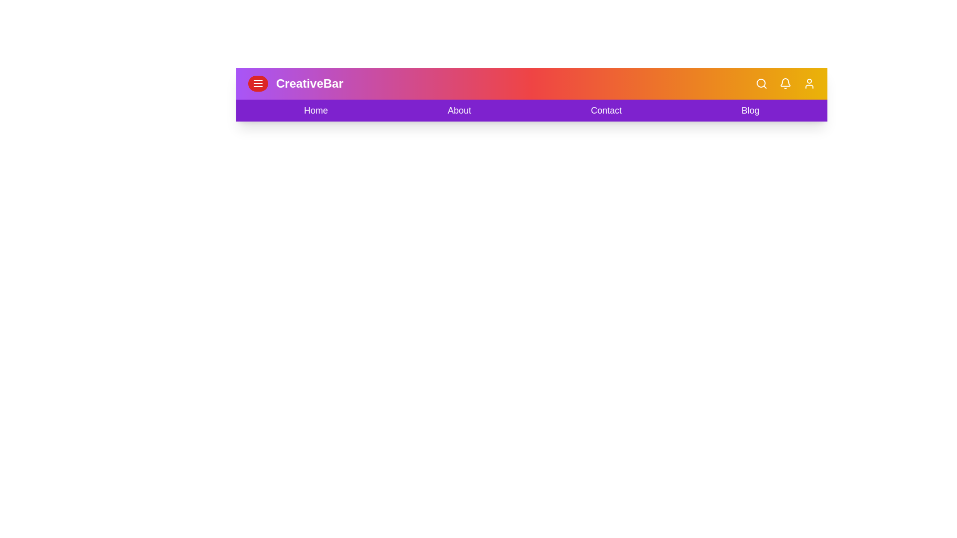 The height and width of the screenshot is (538, 957). I want to click on the menu item About to observe its hover effect, so click(459, 111).